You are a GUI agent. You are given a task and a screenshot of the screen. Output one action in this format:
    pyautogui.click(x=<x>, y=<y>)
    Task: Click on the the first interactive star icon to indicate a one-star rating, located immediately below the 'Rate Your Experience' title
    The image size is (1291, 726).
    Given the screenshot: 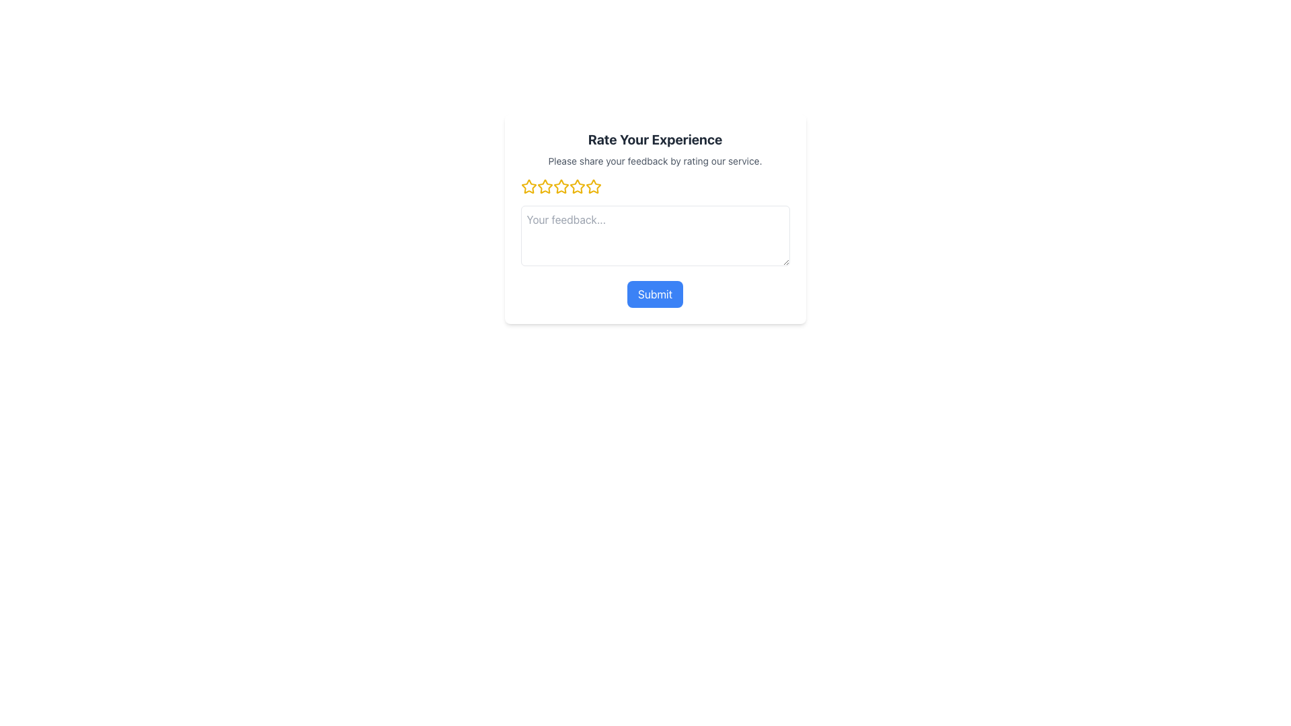 What is the action you would take?
    pyautogui.click(x=528, y=186)
    